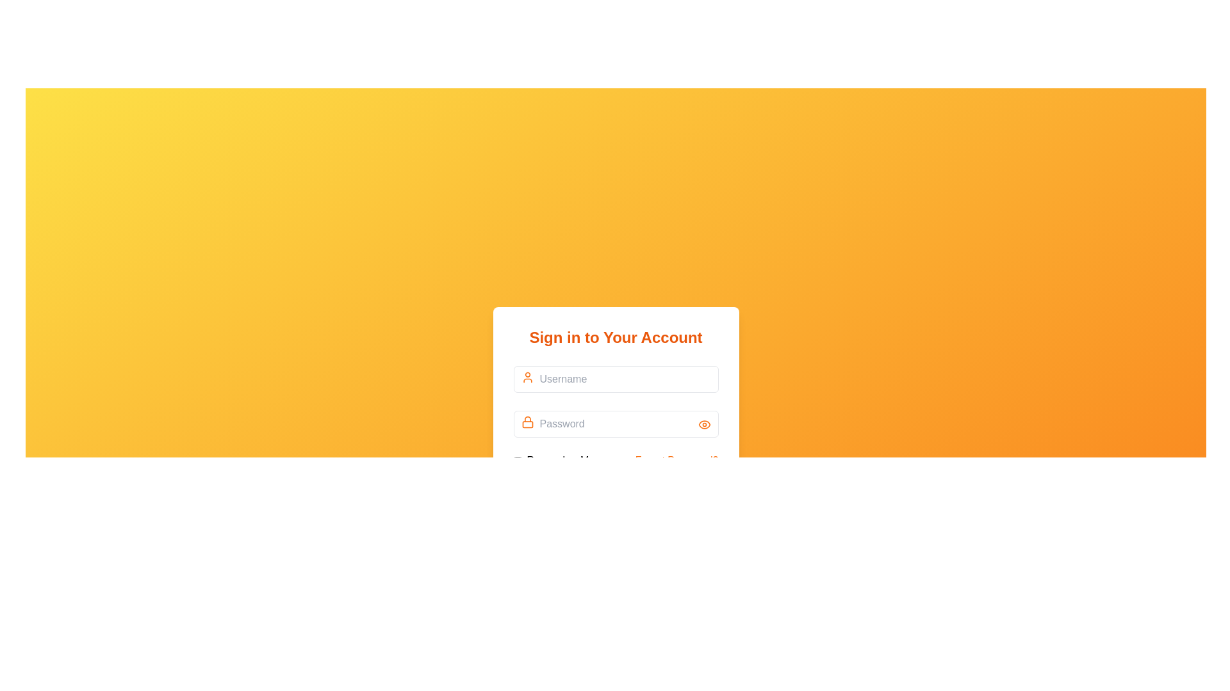  What do you see at coordinates (527, 422) in the screenshot?
I see `the bright orange lock icon located at the top left corner inside the password input field` at bounding box center [527, 422].